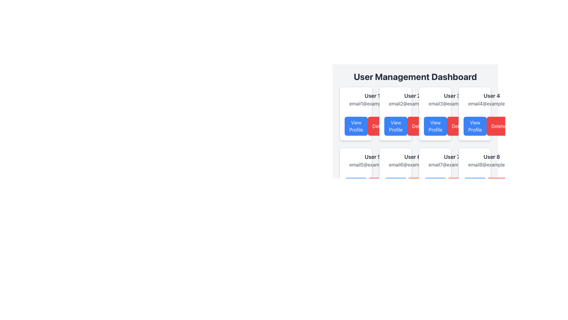 The height and width of the screenshot is (320, 568). What do you see at coordinates (412, 99) in the screenshot?
I see `the user's profile header displaying their name and email address in the User Management Dashboard` at bounding box center [412, 99].